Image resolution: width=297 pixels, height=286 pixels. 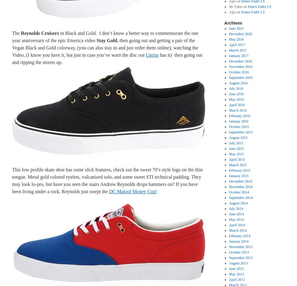 I want to click on 'The', so click(x=16, y=33).